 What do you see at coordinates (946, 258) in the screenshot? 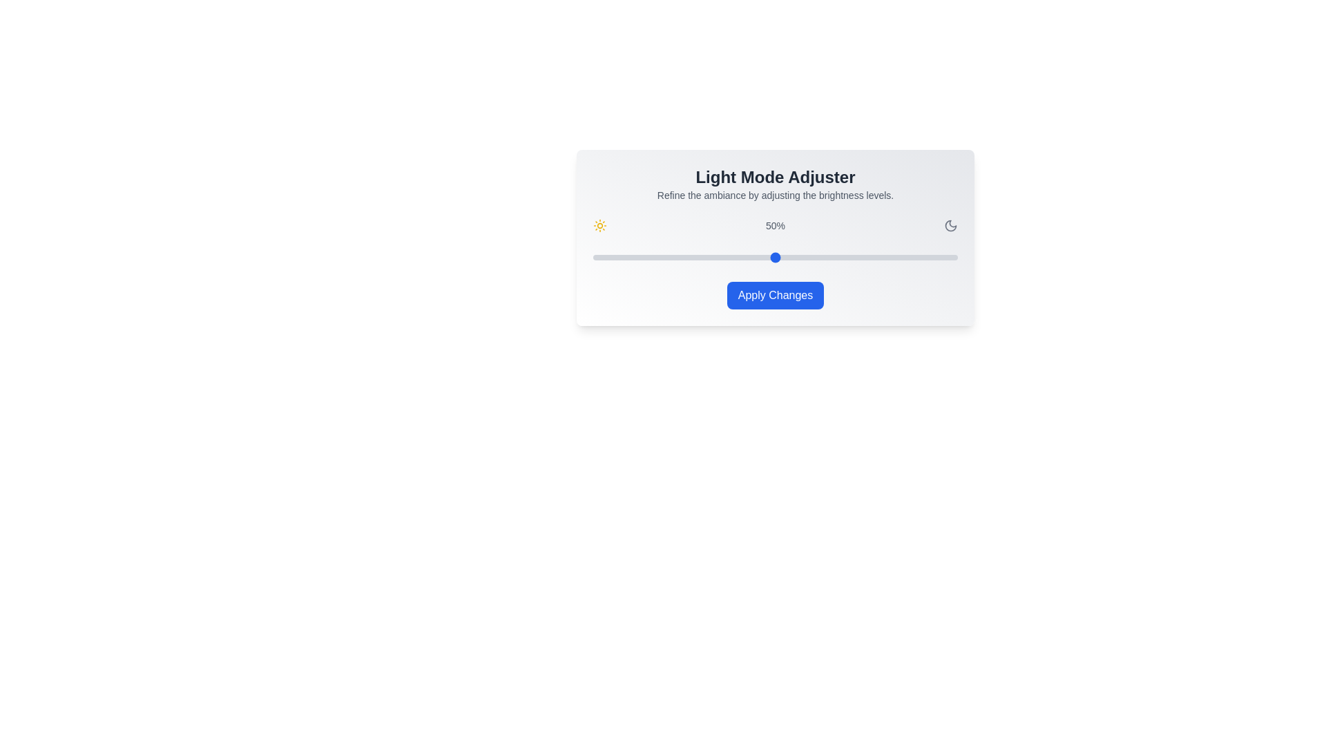
I see `the brightness slider to 97%` at bounding box center [946, 258].